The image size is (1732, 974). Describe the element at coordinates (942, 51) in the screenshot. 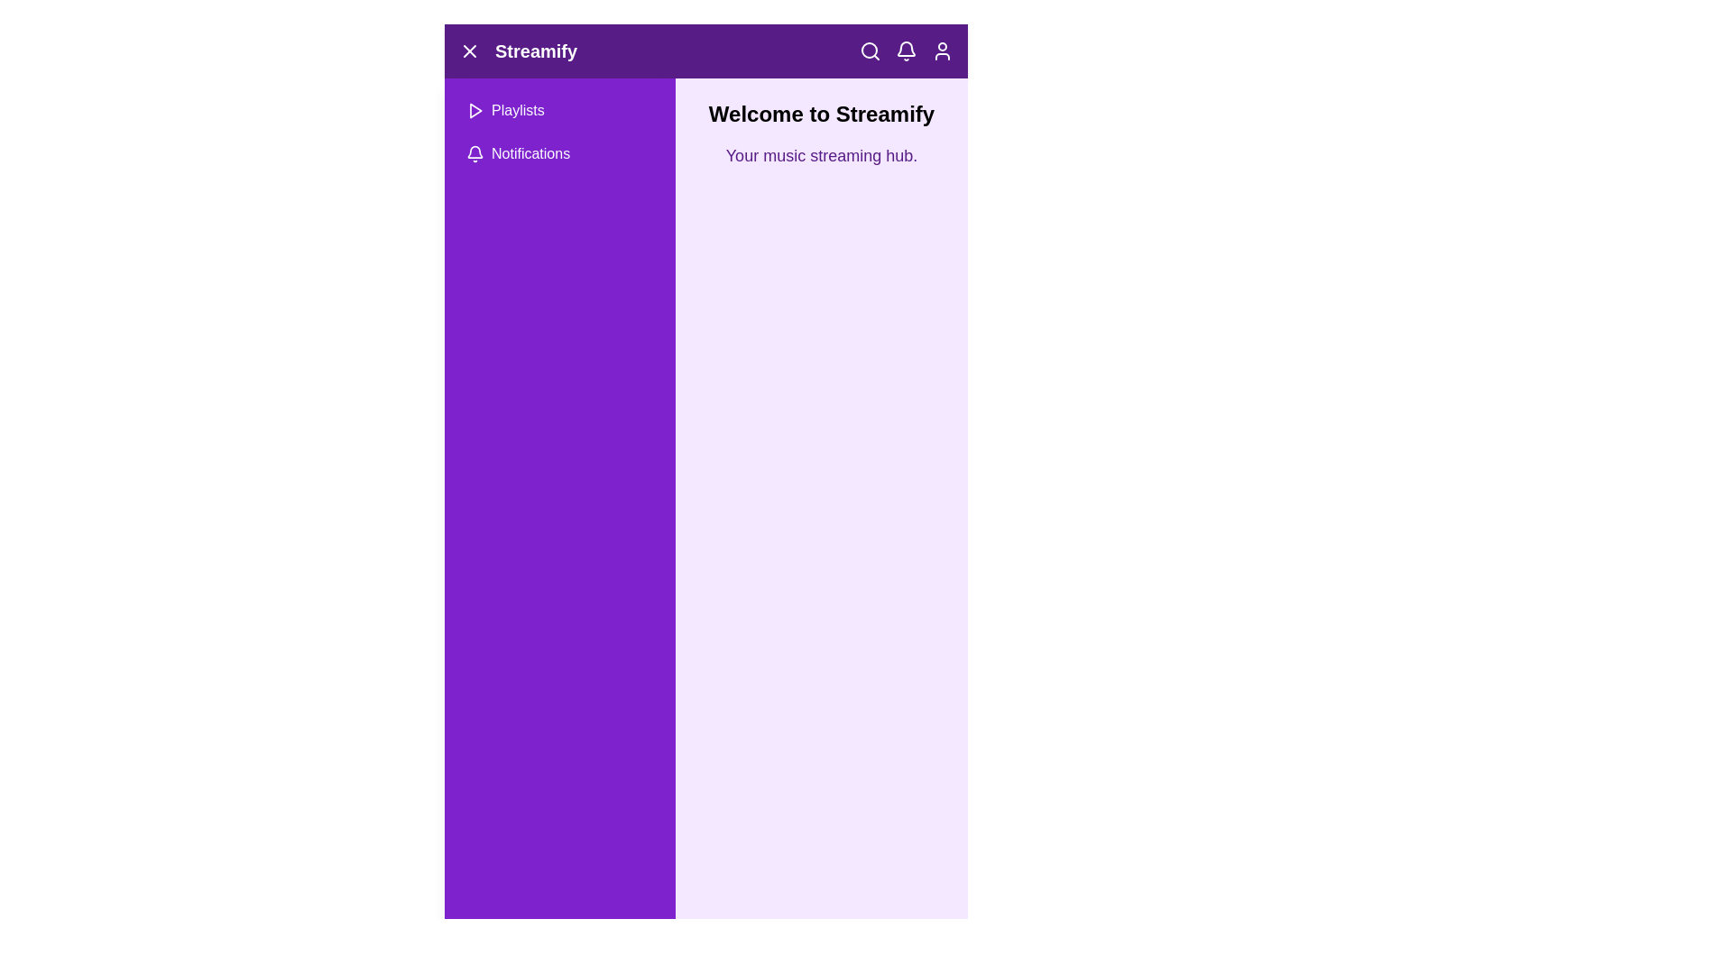

I see `the user profile icon in the top-right corner of the application header` at that location.